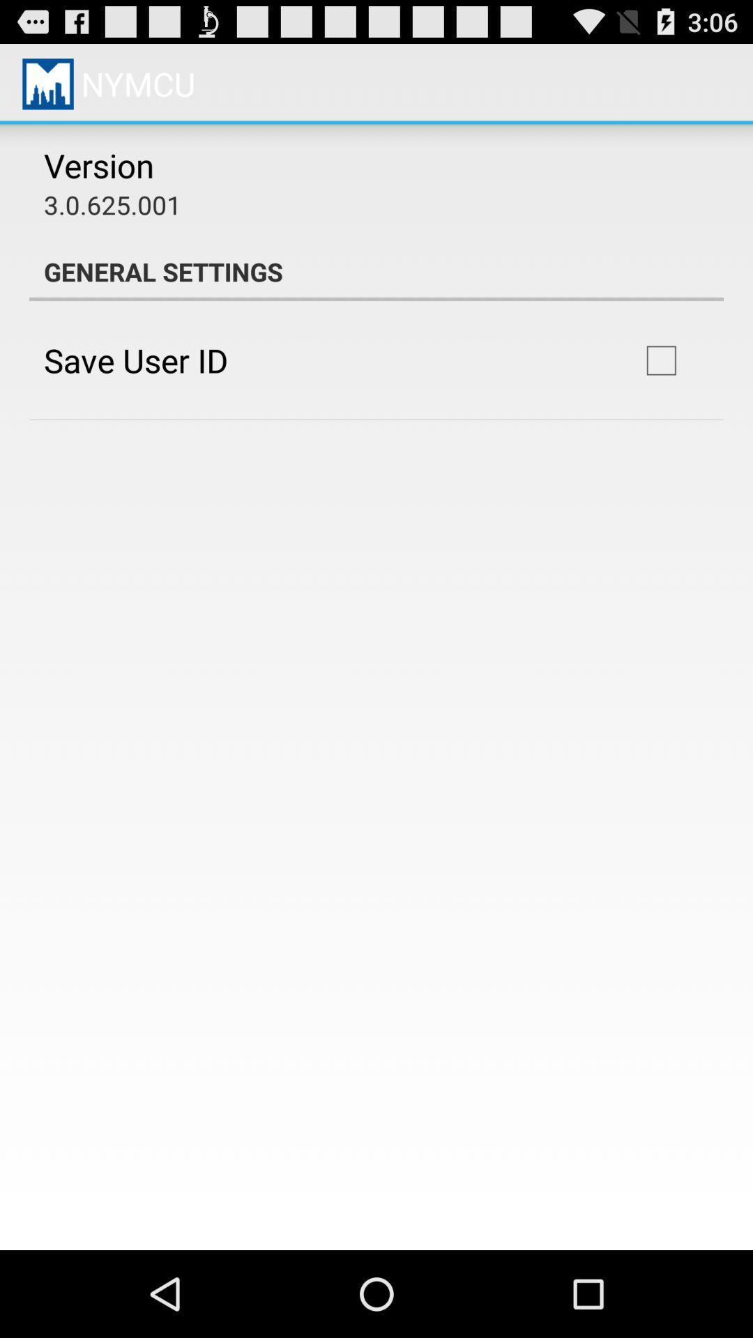 This screenshot has width=753, height=1338. Describe the element at coordinates (660, 360) in the screenshot. I see `icon next to save user id item` at that location.